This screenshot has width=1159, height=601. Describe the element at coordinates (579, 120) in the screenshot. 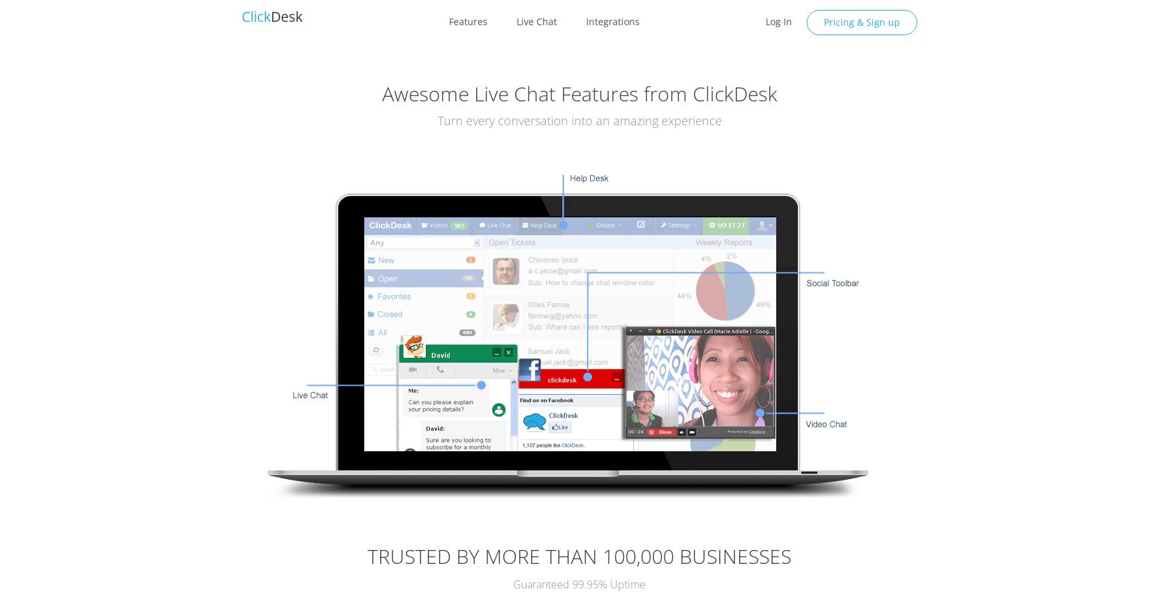

I see `'Turn every conversation into an amazing experience'` at that location.